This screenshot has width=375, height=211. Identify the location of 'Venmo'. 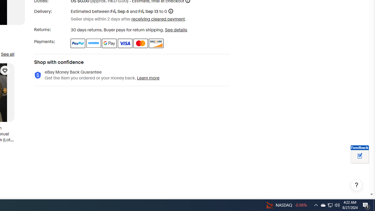
(94, 43).